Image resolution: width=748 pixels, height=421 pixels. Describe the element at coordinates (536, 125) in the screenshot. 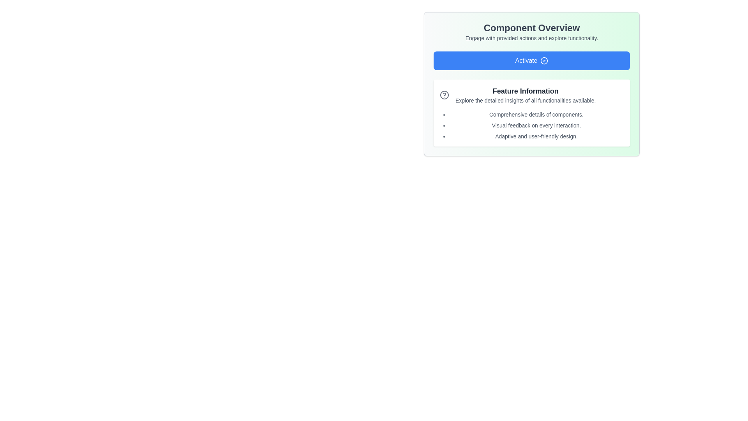

I see `descriptive text content of the second bullet point in the 'Feature Information' section under the 'Component Overview' panel` at that location.